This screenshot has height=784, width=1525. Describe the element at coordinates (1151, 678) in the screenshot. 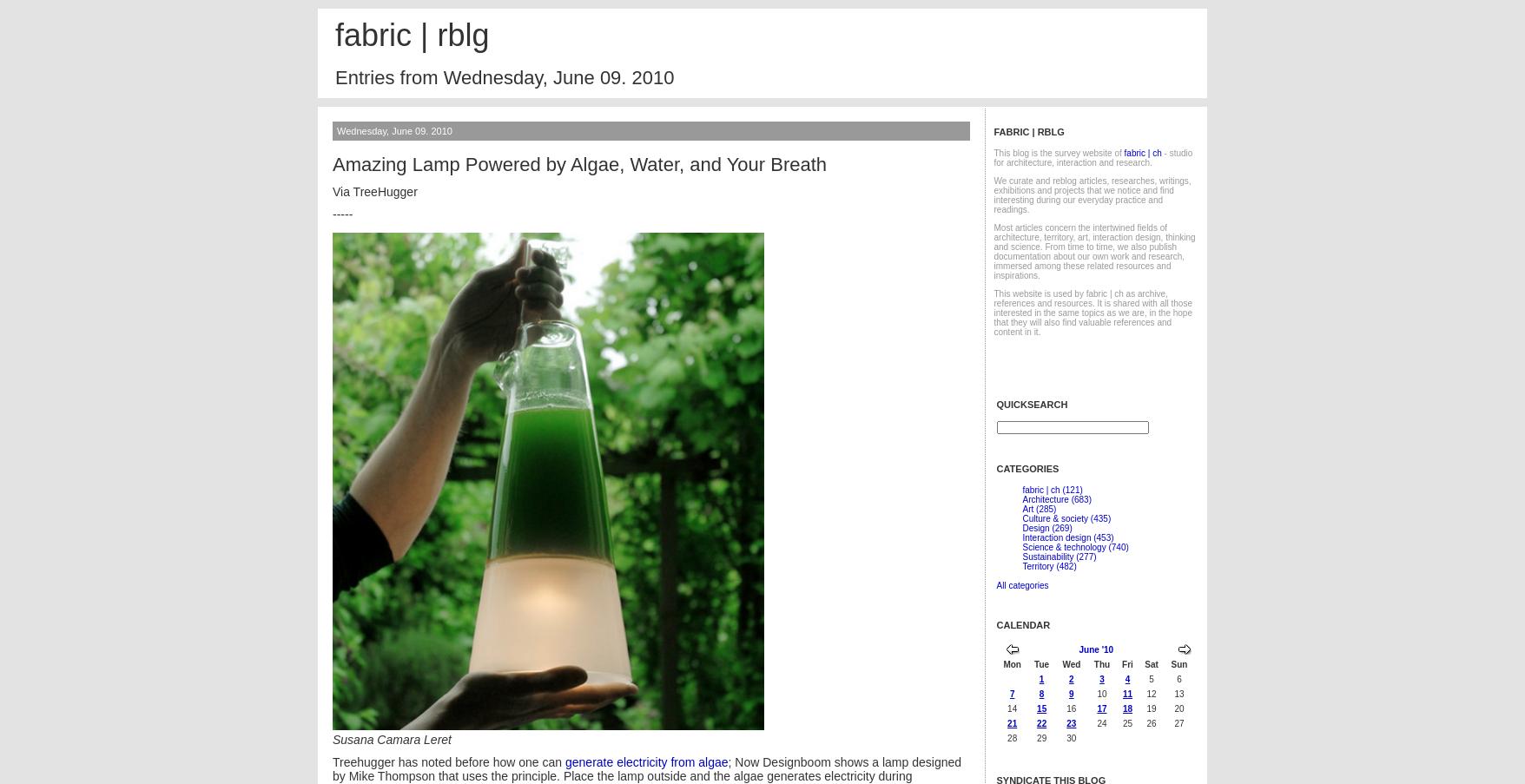

I see `'5'` at that location.